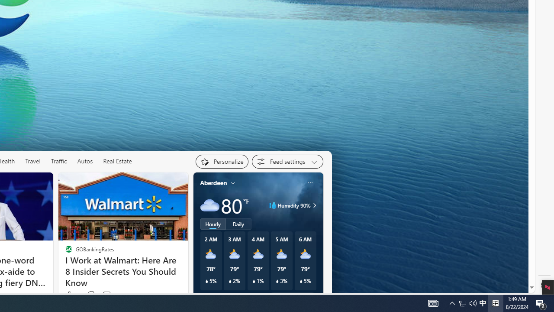  I want to click on 'My location', so click(233, 182).